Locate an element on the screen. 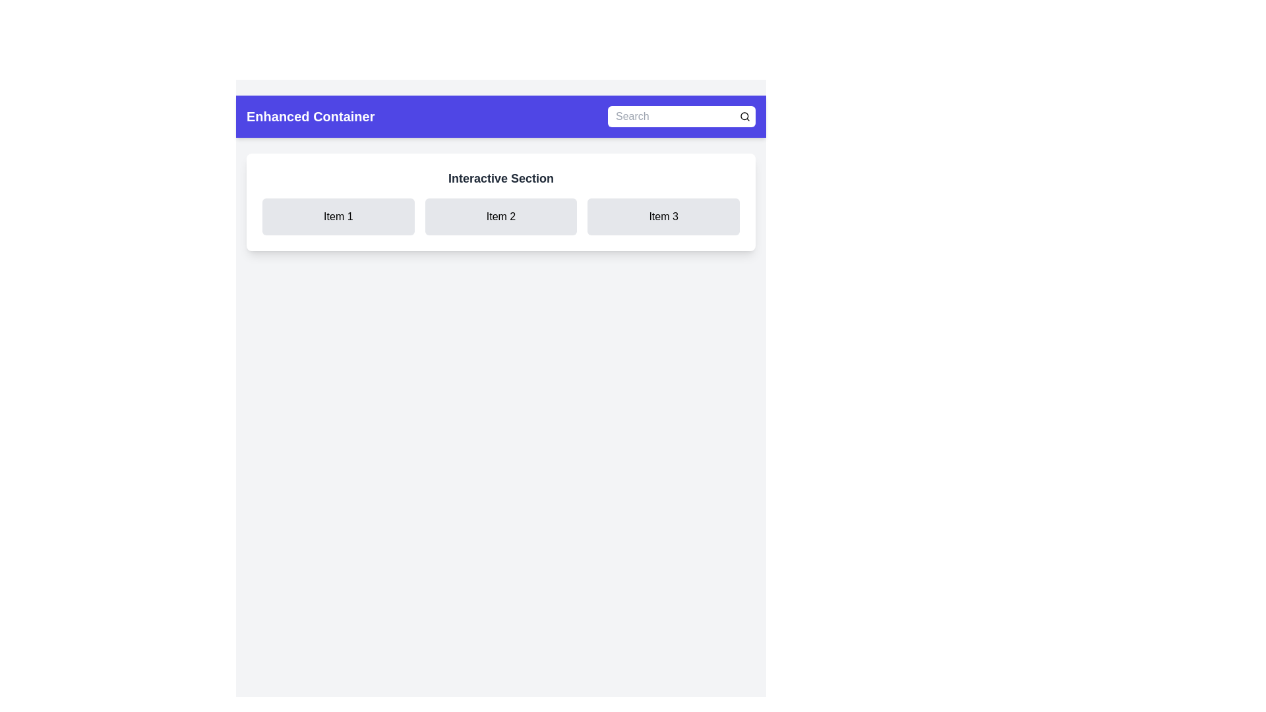  the selectable item labeled 'Item 1', which is a rectangular button with a light gray background and rounded corners, positioned at the top left of the interactive section is located at coordinates (338, 216).